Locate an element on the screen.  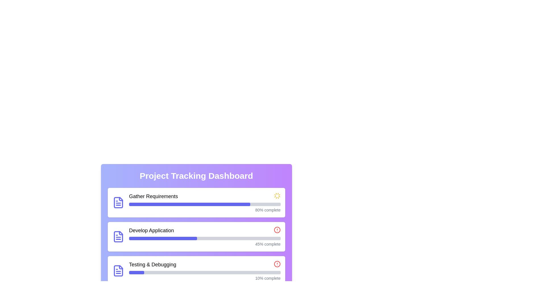
the yellow circular loading spinner with an animate-spin effect located to the right of the 'Gather Requirements' text in the 'Project Tracking Dashboard' UI card is located at coordinates (277, 196).